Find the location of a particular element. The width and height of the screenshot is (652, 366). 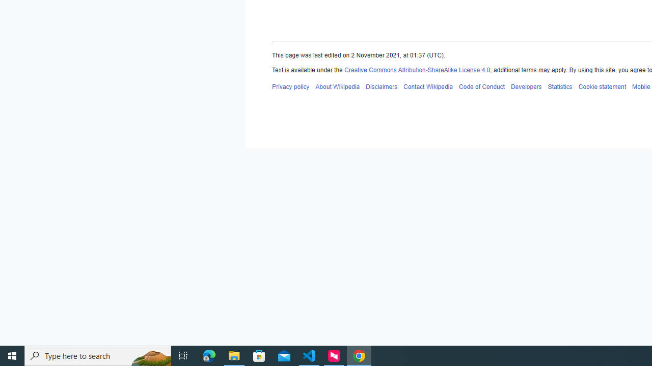

'Creative Commons Attribution-ShareAlike License 4.0' is located at coordinates (417, 70).